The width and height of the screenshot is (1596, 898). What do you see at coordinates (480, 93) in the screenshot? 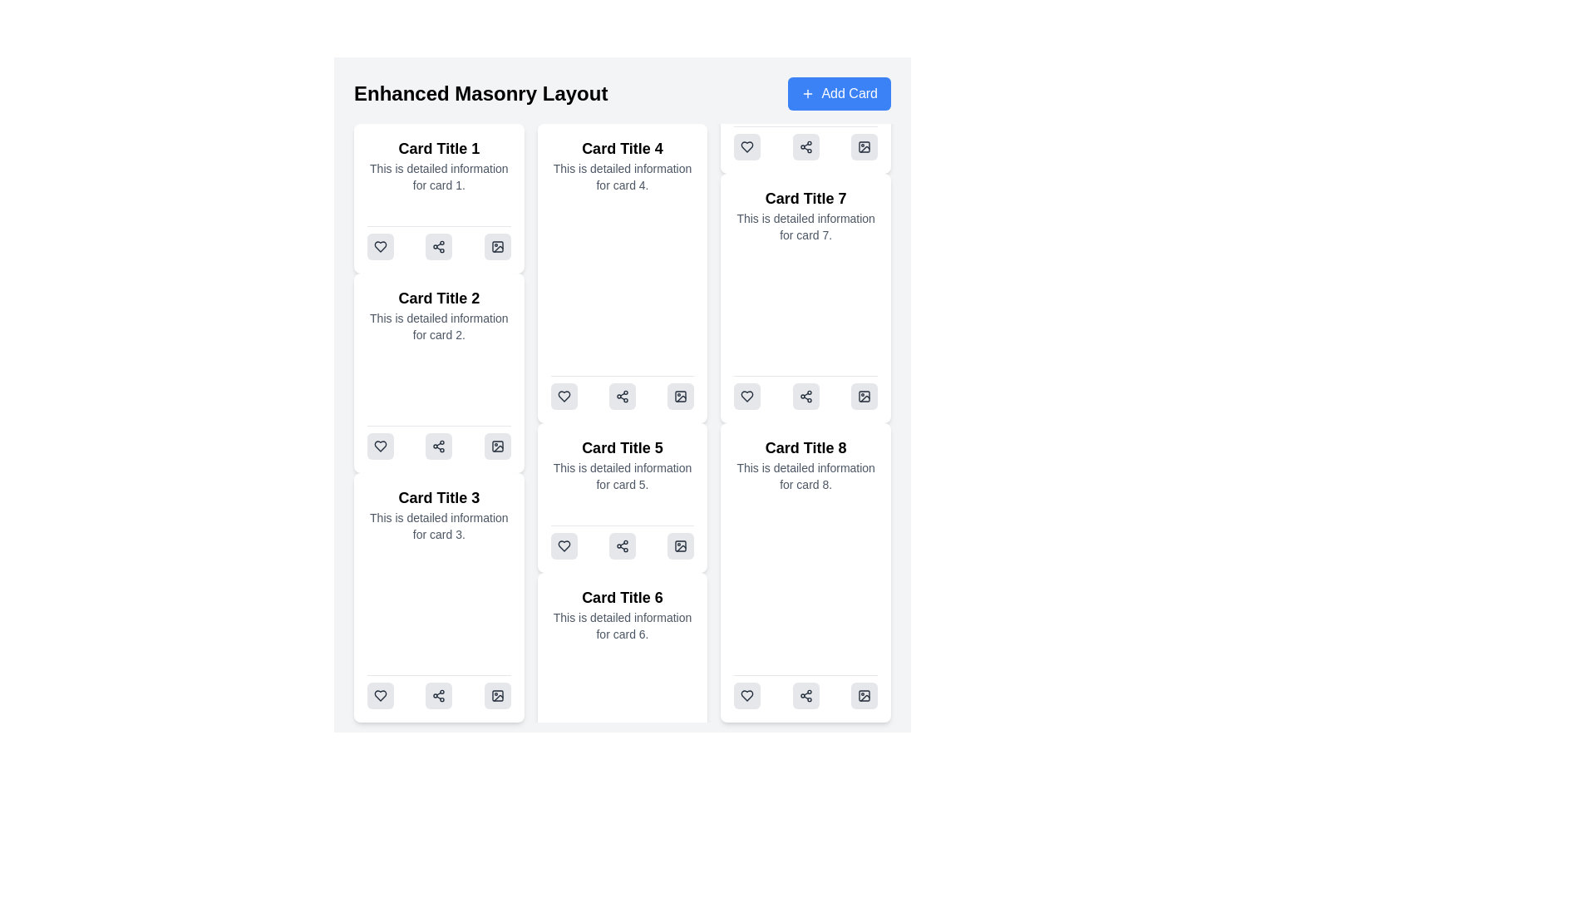
I see `the bold text label 'Enhanced Masonry Layout' located at the top-left of the interface` at bounding box center [480, 93].